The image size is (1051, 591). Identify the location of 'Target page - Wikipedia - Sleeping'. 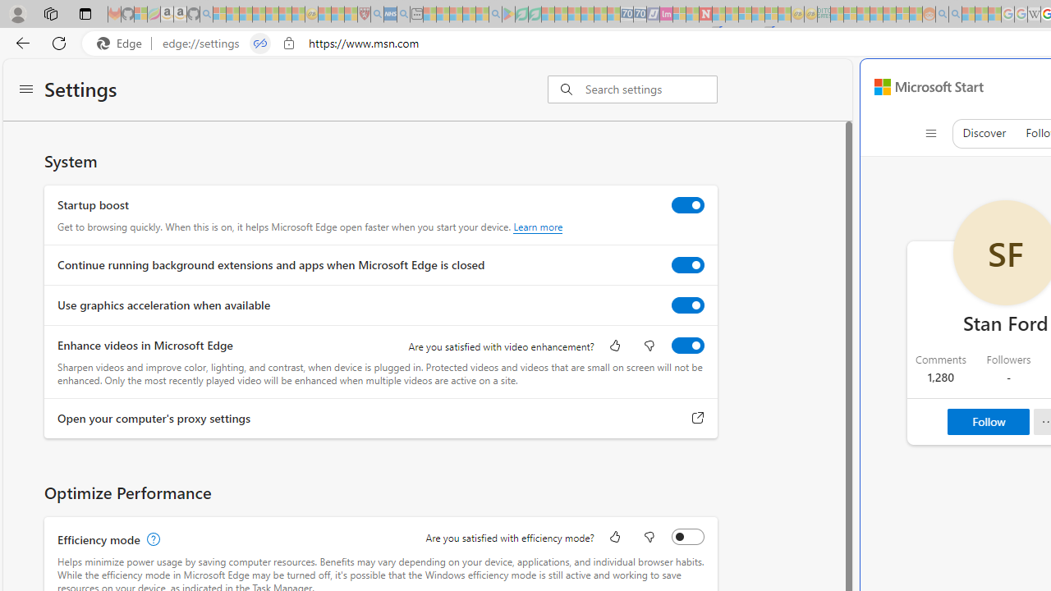
(1033, 14).